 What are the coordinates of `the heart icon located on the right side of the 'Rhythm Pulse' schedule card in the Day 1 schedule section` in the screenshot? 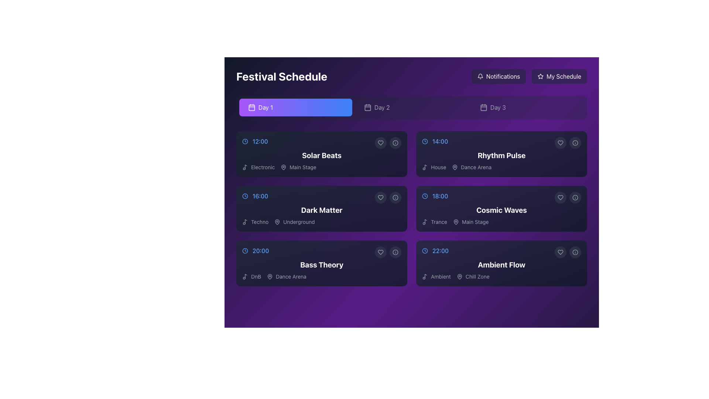 It's located at (560, 143).